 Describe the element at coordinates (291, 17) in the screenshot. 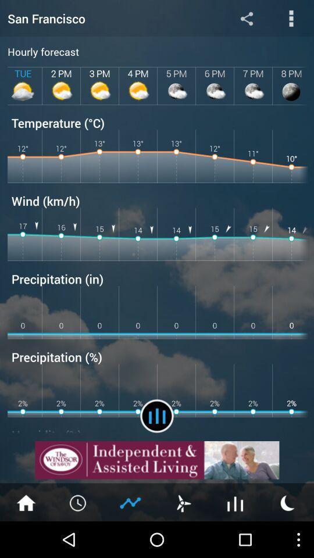

I see `open more options` at that location.